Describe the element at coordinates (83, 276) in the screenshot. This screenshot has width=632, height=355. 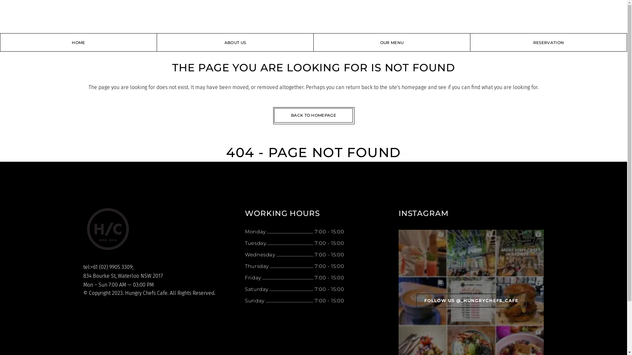
I see `'834 Bourke St, Waterloo NSW 2017'` at that location.